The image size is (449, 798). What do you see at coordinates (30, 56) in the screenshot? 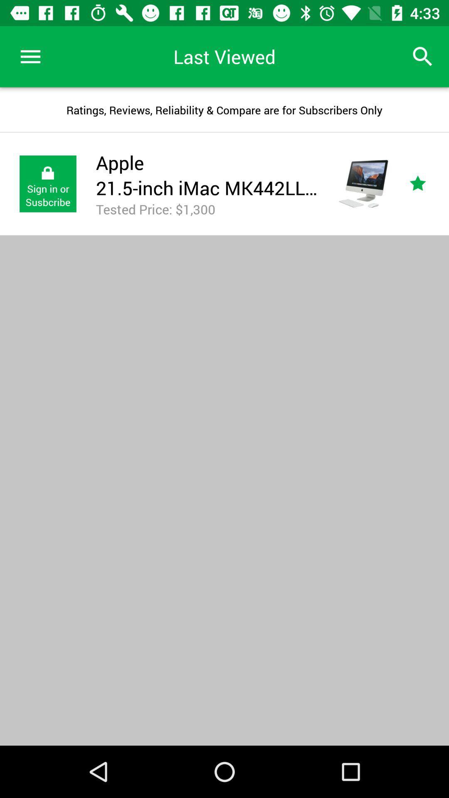
I see `icon above the ratings reviews reliability icon` at bounding box center [30, 56].